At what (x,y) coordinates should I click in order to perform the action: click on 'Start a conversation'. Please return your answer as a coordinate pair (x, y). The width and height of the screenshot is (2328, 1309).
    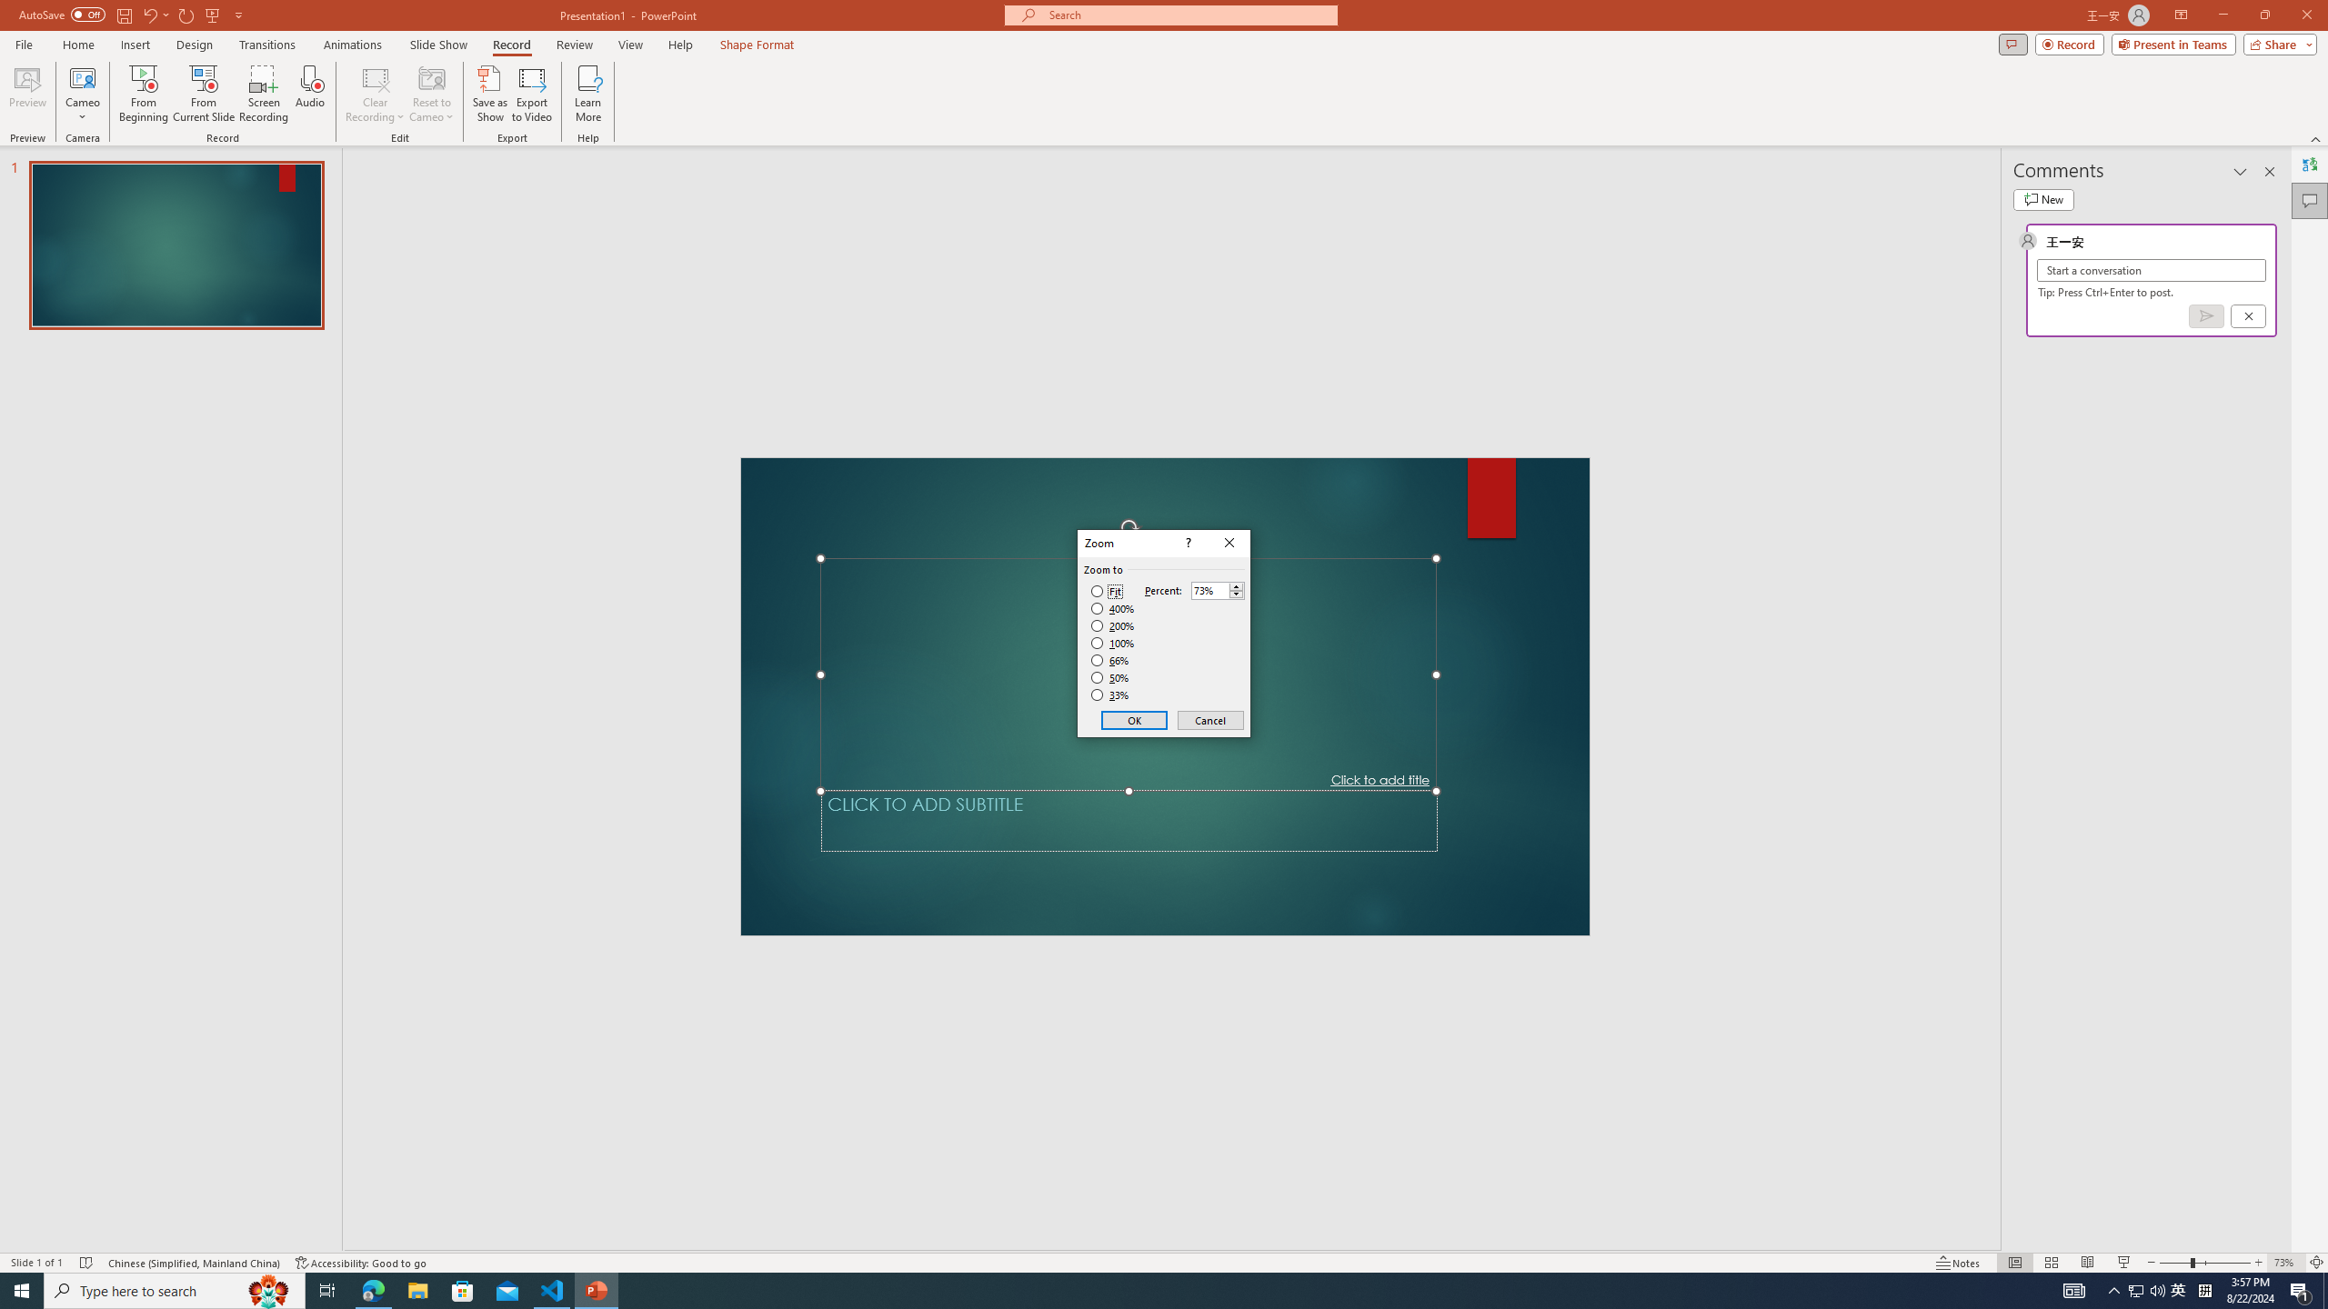
    Looking at the image, I should click on (2150, 269).